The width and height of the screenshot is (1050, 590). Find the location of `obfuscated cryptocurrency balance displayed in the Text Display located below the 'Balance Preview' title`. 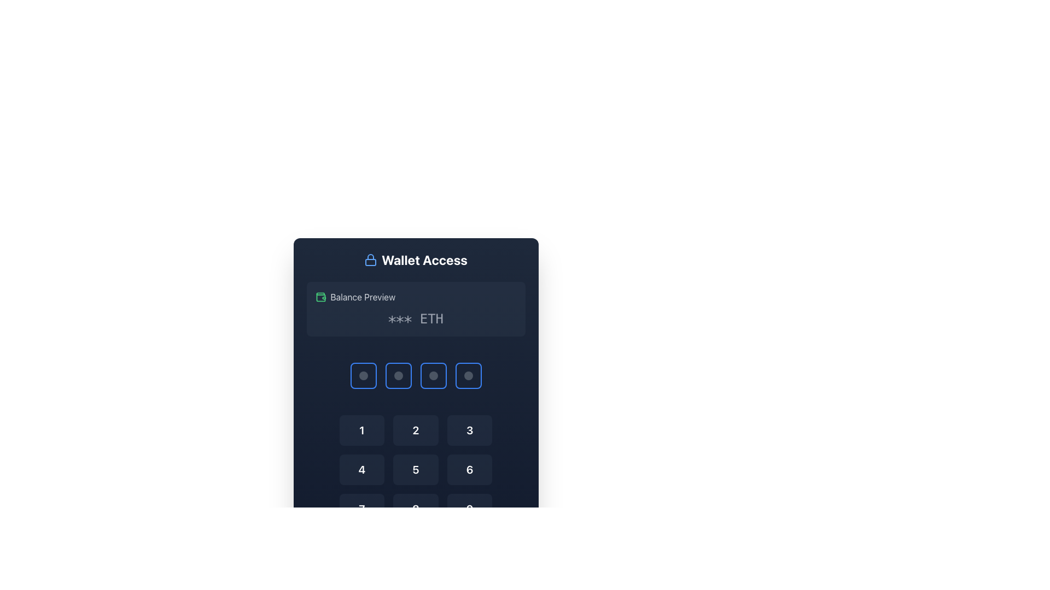

obfuscated cryptocurrency balance displayed in the Text Display located below the 'Balance Preview' title is located at coordinates (415, 318).